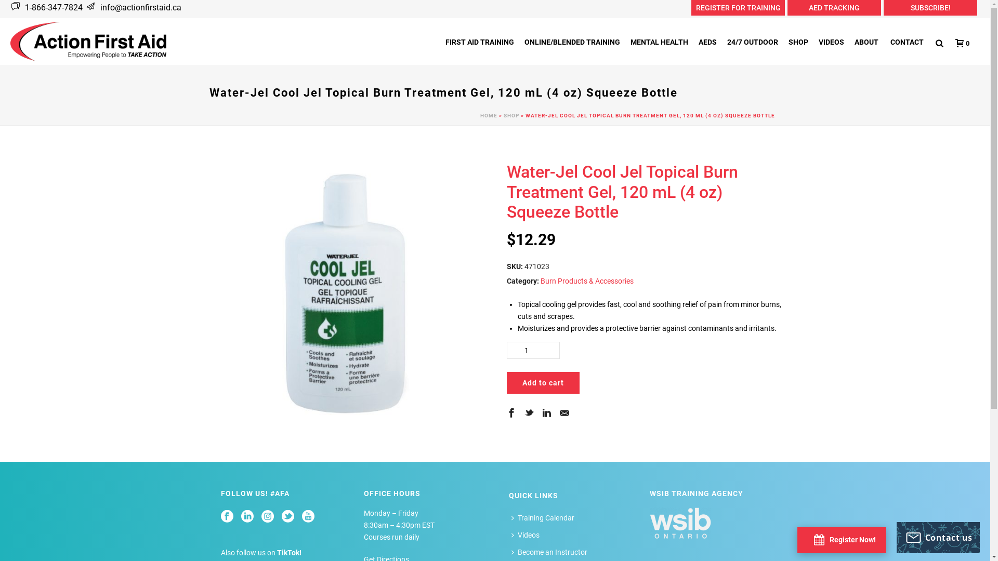 Image resolution: width=998 pixels, height=561 pixels. Describe the element at coordinates (905, 42) in the screenshot. I see `' CONTACT'` at that location.